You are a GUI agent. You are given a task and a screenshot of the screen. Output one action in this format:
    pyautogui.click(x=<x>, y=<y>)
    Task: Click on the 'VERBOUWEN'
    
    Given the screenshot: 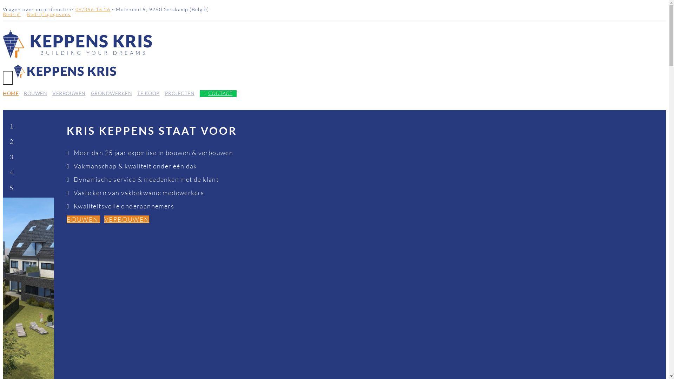 What is the action you would take?
    pyautogui.click(x=104, y=219)
    